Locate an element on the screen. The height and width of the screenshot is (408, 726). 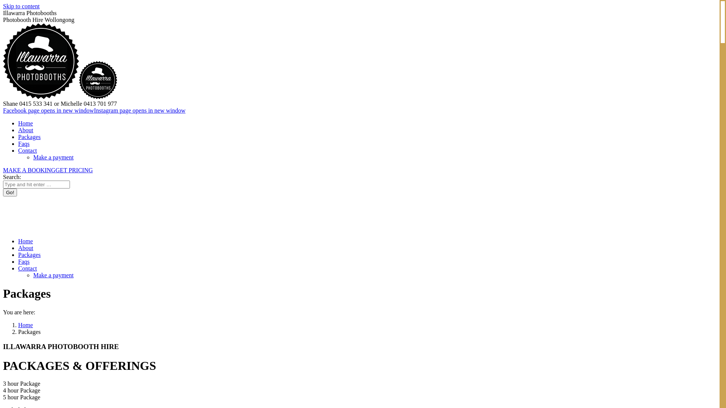
'Packages' is located at coordinates (18, 137).